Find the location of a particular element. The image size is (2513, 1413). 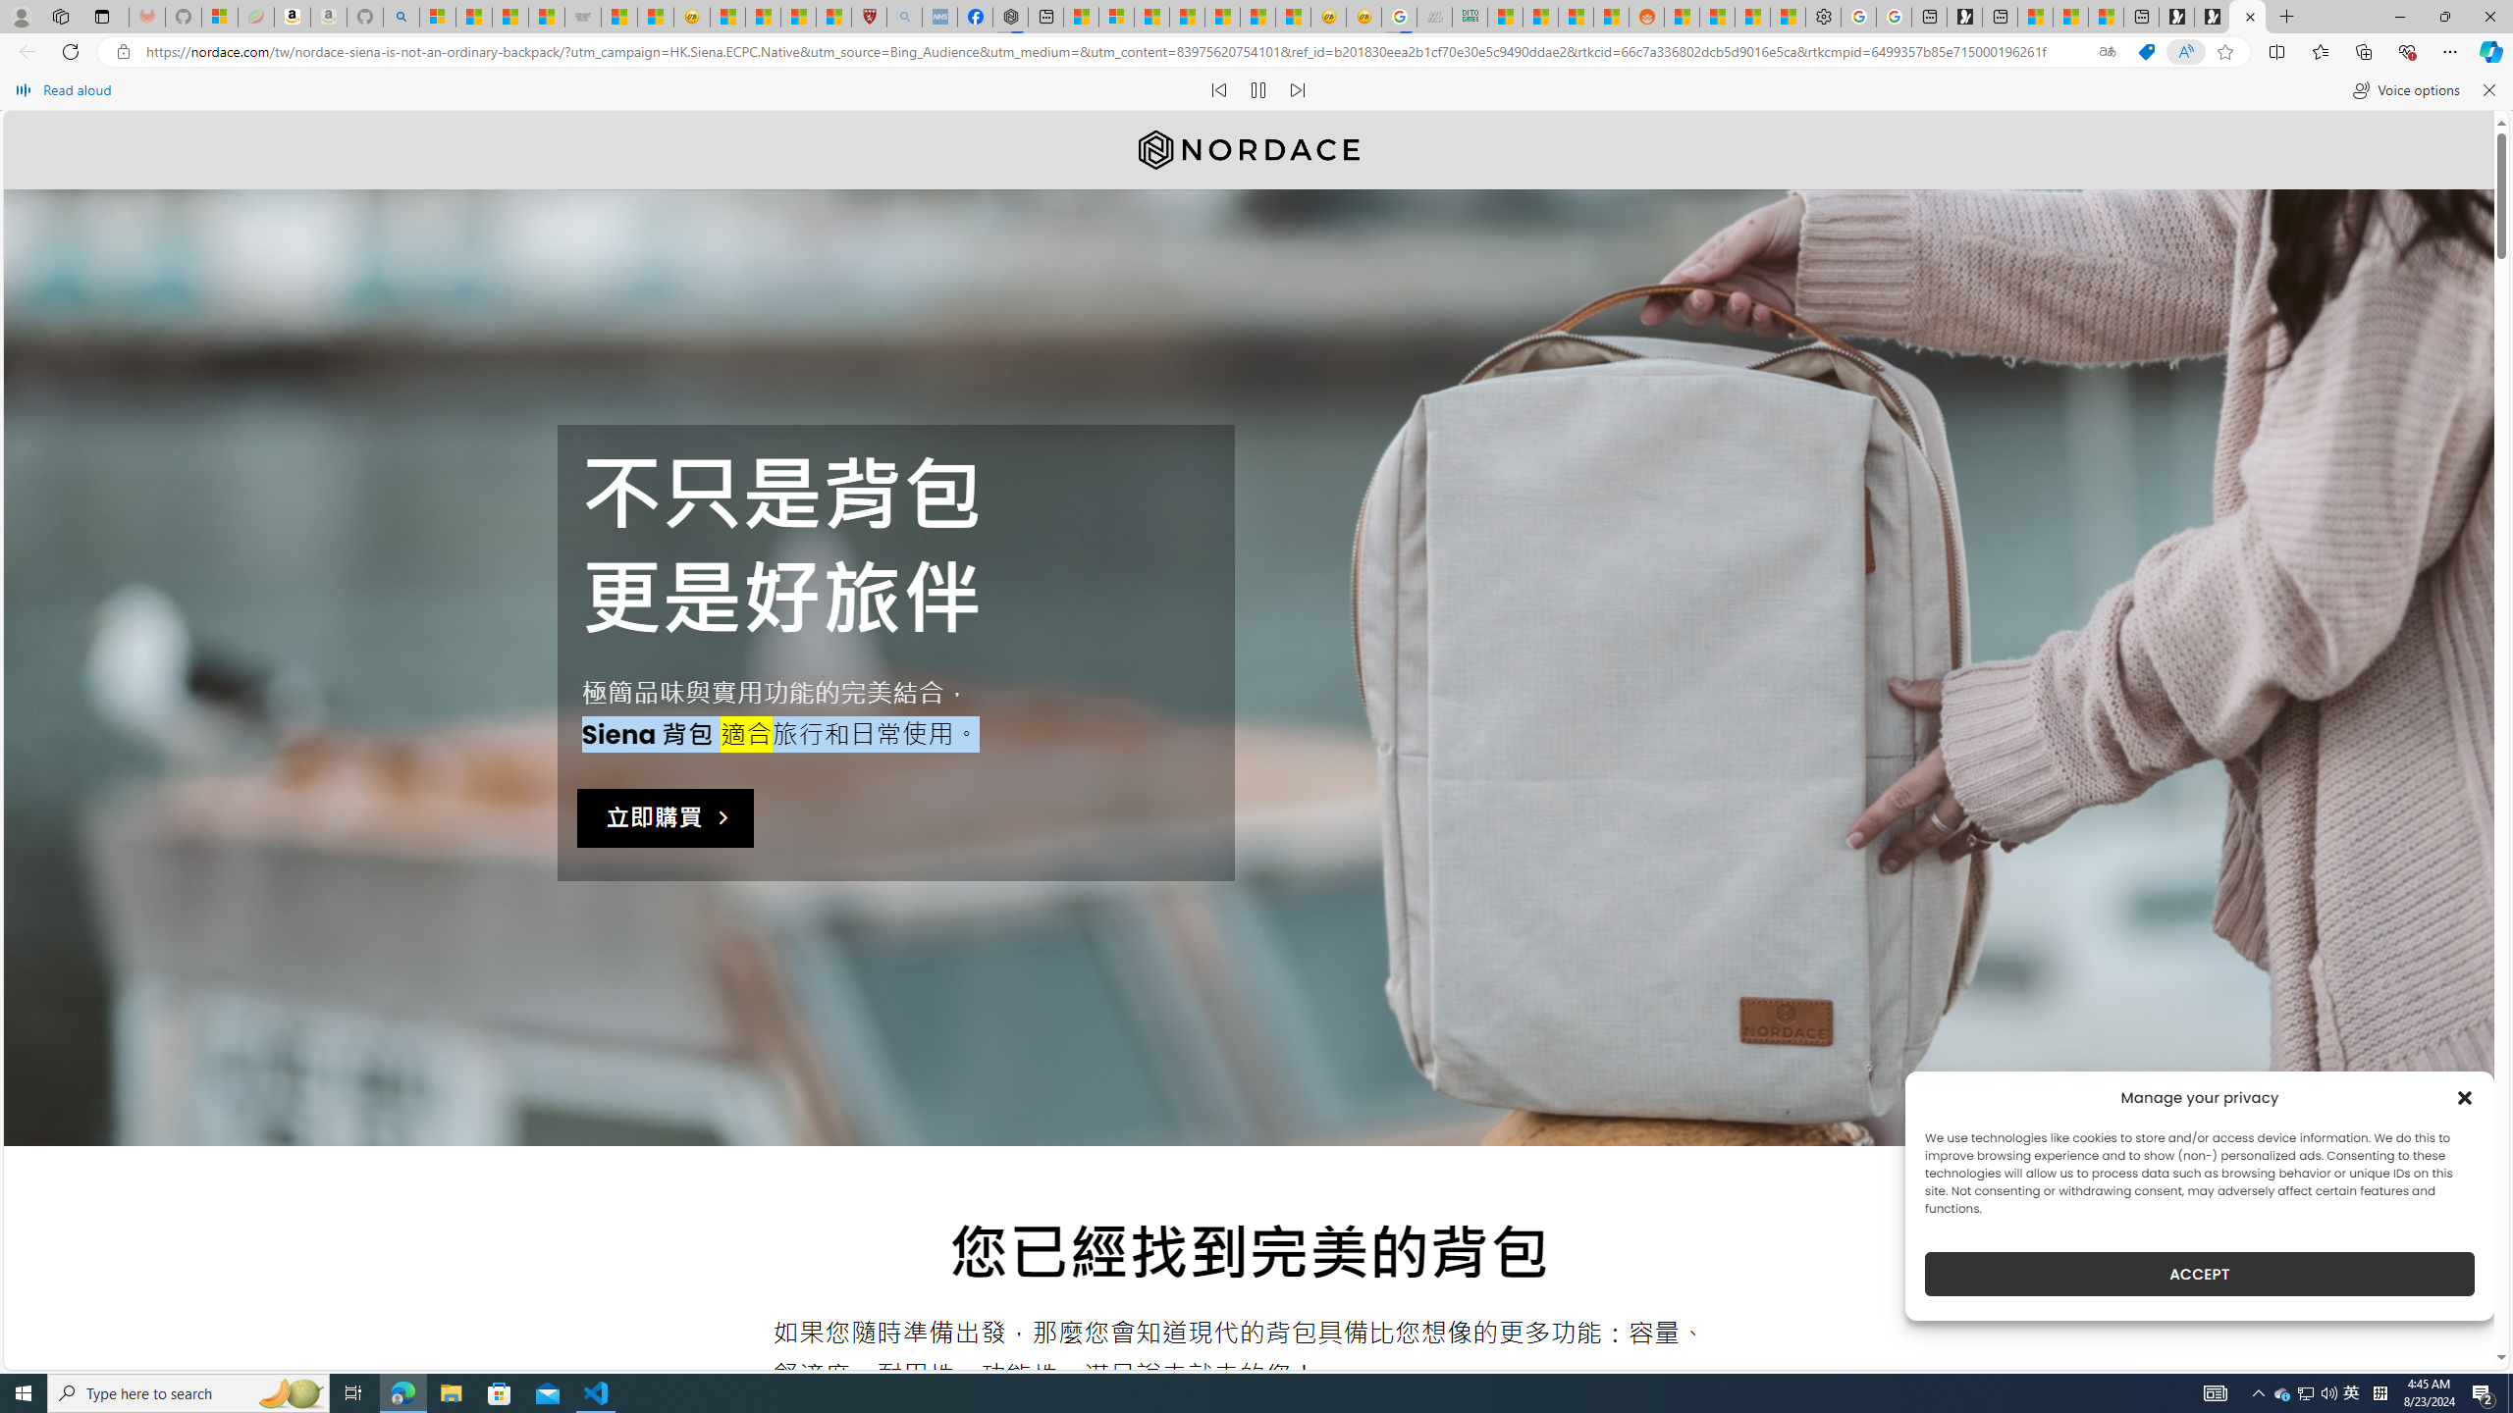

'Play Free Online Games | Games from Microsoft Start' is located at coordinates (2213, 16).